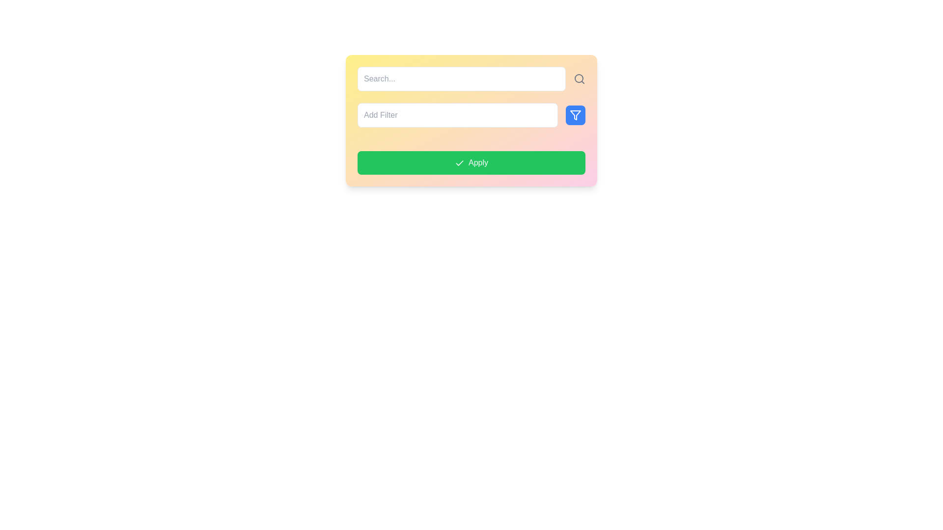  I want to click on the filter icon button, which is a funnel shape with a blue background and white outline, so click(575, 115).